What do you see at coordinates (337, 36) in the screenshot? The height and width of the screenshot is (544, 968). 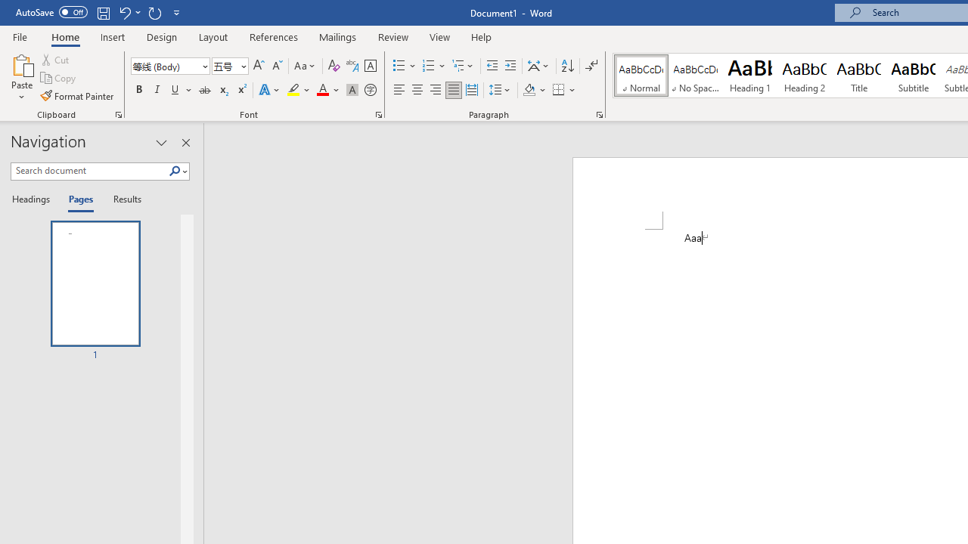 I see `'Mailings'` at bounding box center [337, 36].